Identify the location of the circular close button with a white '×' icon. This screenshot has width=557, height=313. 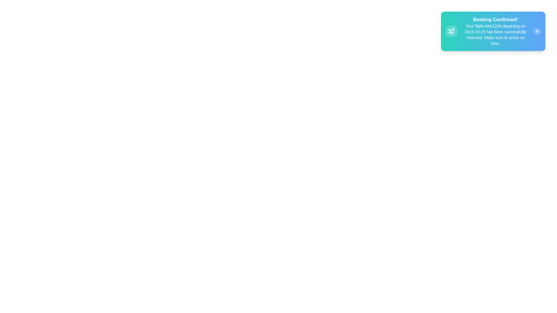
(537, 31).